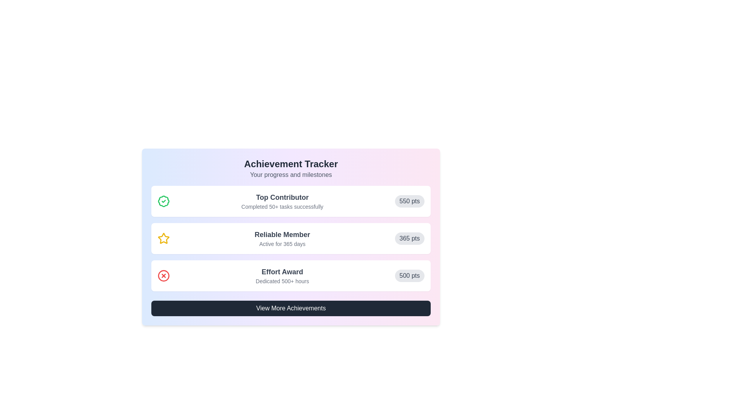 This screenshot has width=745, height=419. I want to click on text from the 'Achievement Tracker' label, which is a bold header in dark gray color located at the top section of the achievement panel, so click(290, 164).